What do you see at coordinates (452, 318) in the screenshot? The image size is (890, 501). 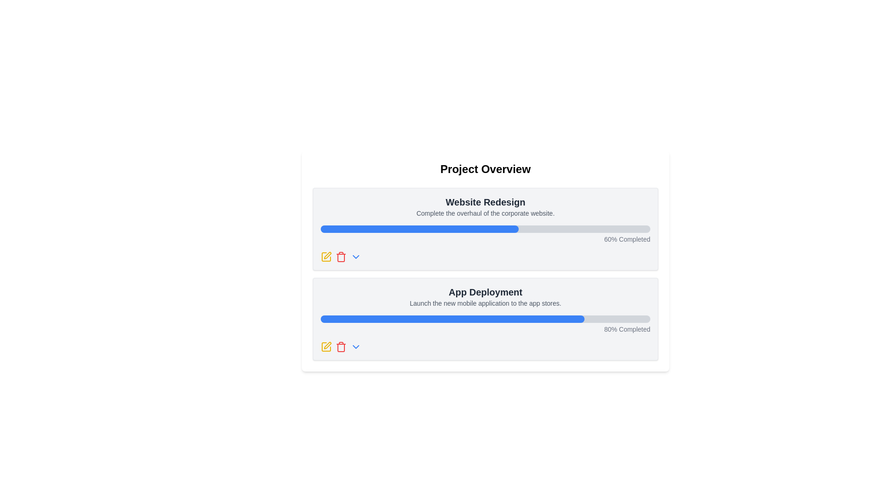 I see `the filled section of the progress bar under the 'App Deployment' section, which shows '80% Completed'` at bounding box center [452, 318].